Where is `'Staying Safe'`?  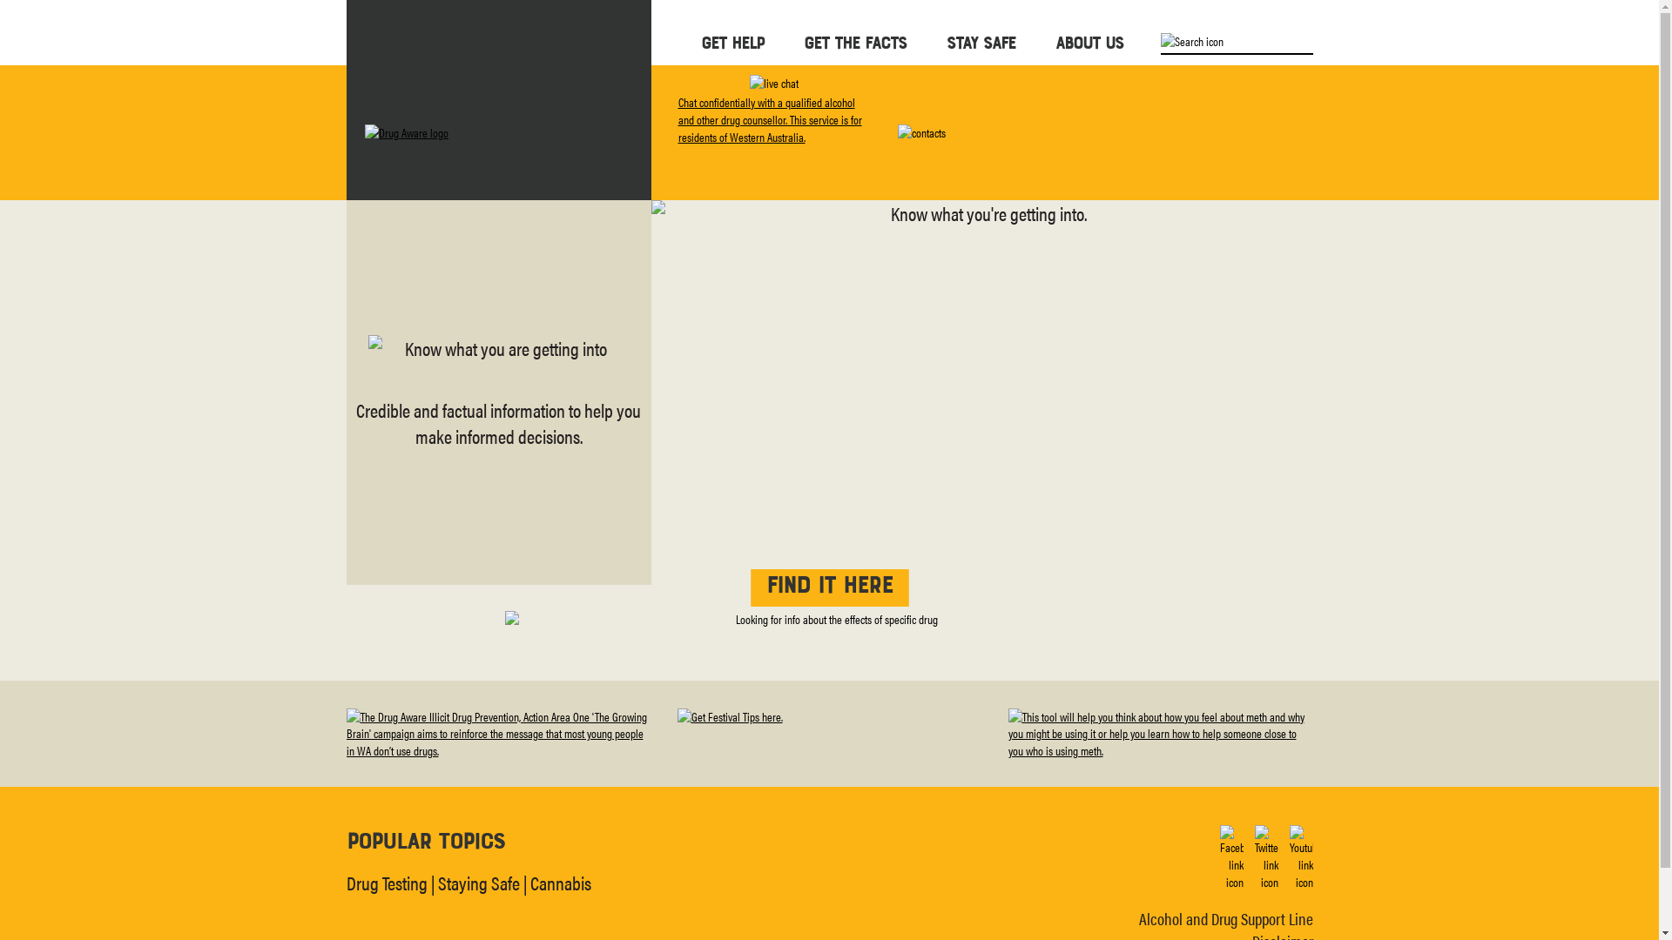
'Staying Safe' is located at coordinates (477, 882).